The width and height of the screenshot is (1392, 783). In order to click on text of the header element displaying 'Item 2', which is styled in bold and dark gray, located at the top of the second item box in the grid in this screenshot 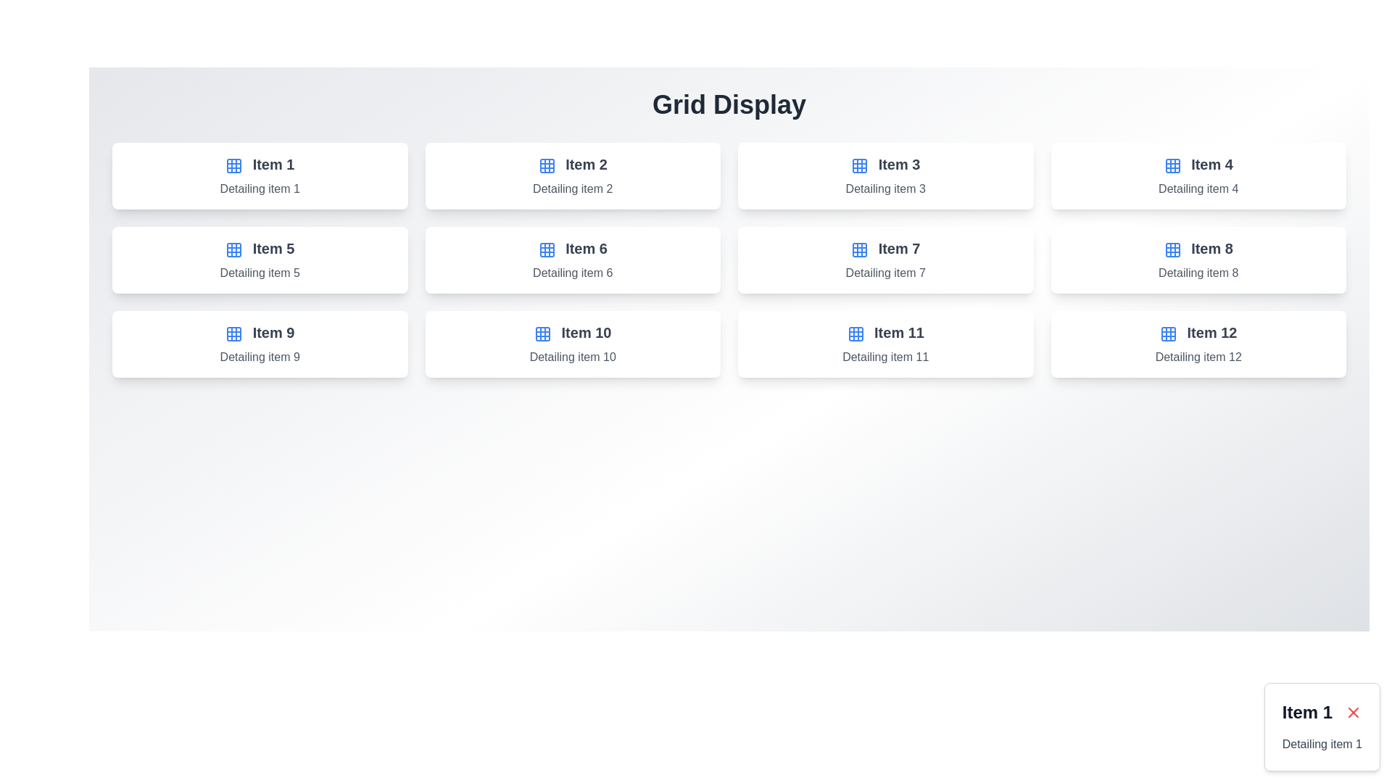, I will do `click(572, 164)`.